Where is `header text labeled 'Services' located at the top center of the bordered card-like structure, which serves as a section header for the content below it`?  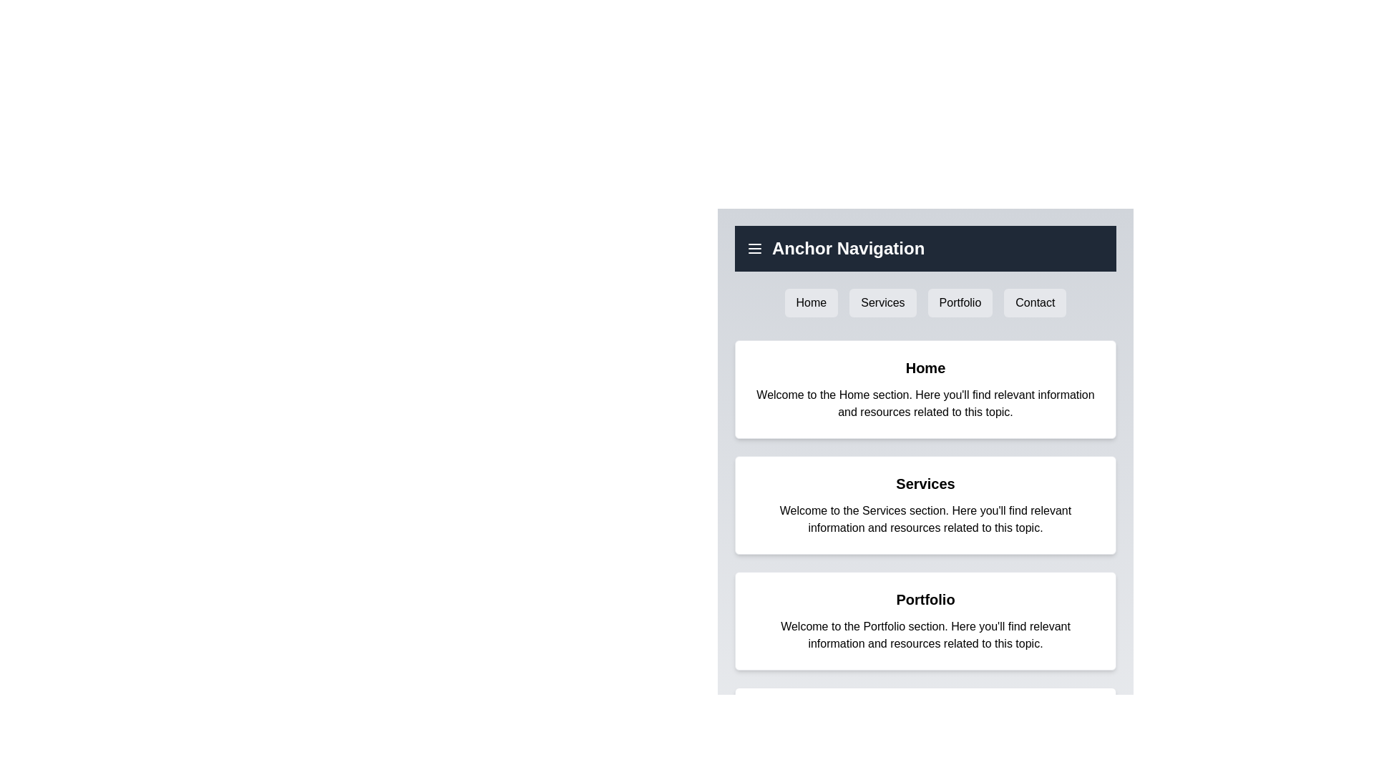 header text labeled 'Services' located at the top center of the bordered card-like structure, which serves as a section header for the content below it is located at coordinates (925, 483).